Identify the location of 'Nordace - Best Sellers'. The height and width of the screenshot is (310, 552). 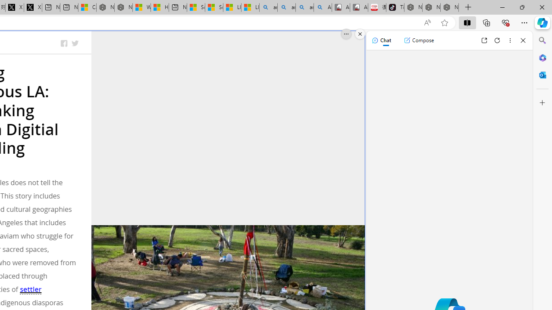
(413, 7).